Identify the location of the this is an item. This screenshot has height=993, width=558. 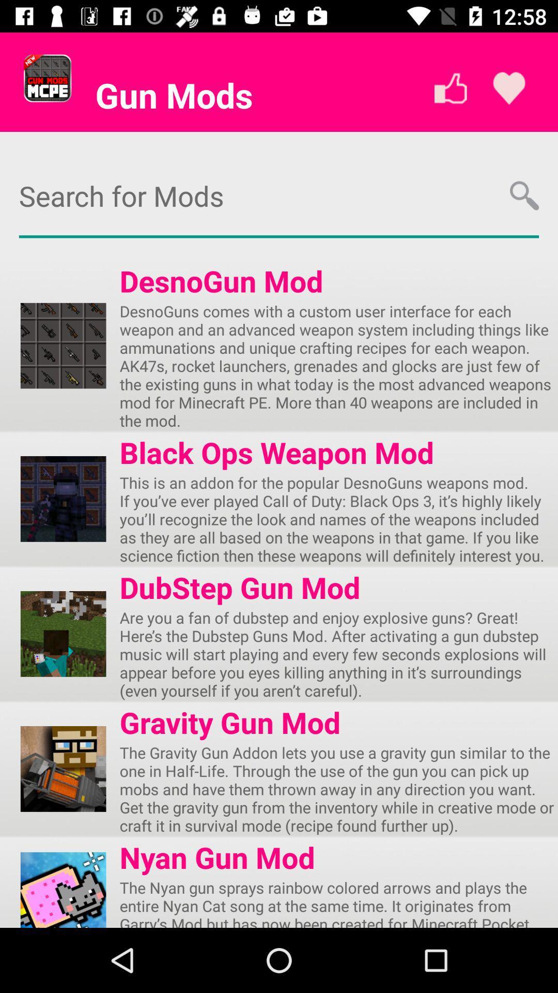
(338, 519).